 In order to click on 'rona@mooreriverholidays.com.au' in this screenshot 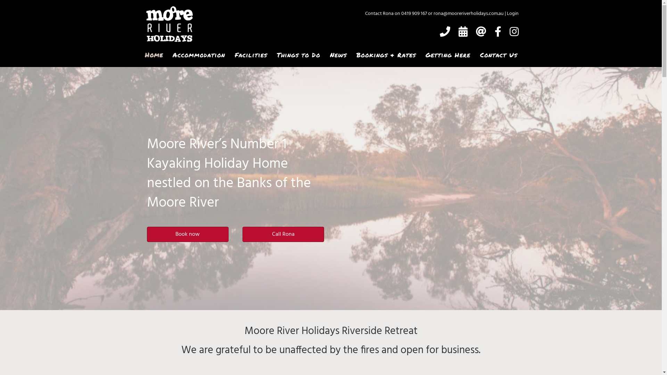, I will do `click(468, 14)`.